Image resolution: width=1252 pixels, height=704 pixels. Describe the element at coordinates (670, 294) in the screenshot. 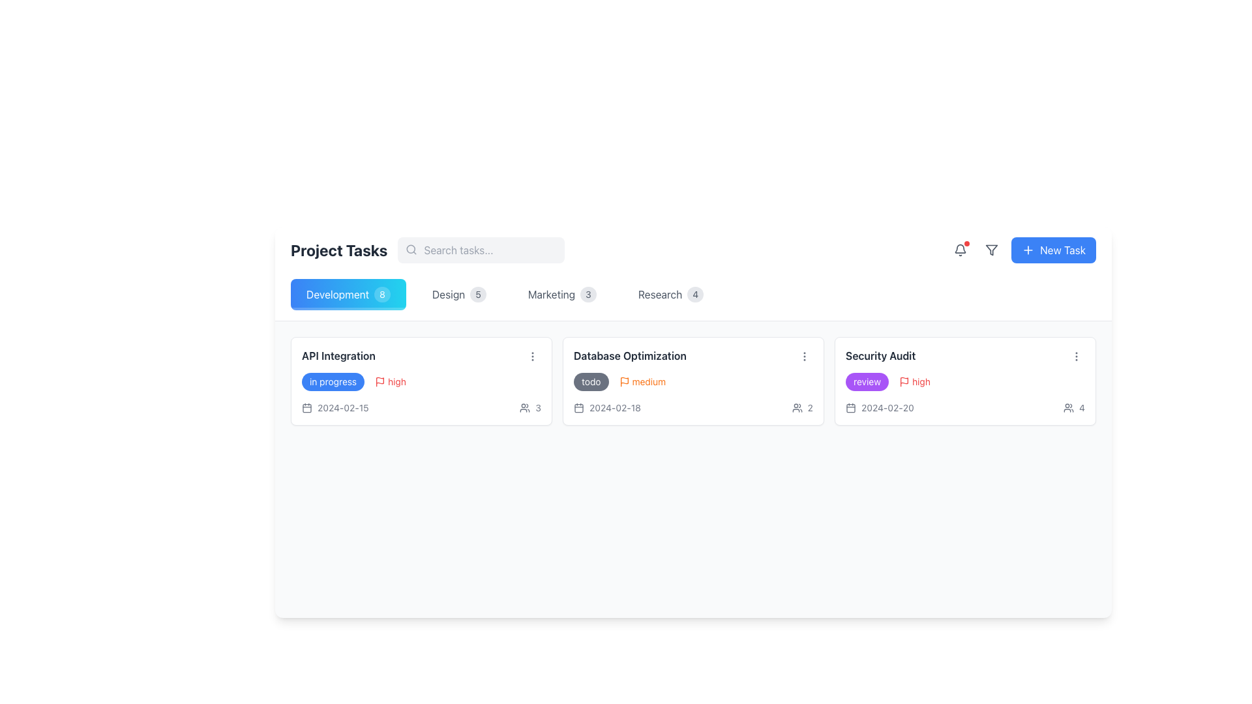

I see `the 'Research 4' button in the segmented navigation menu` at that location.